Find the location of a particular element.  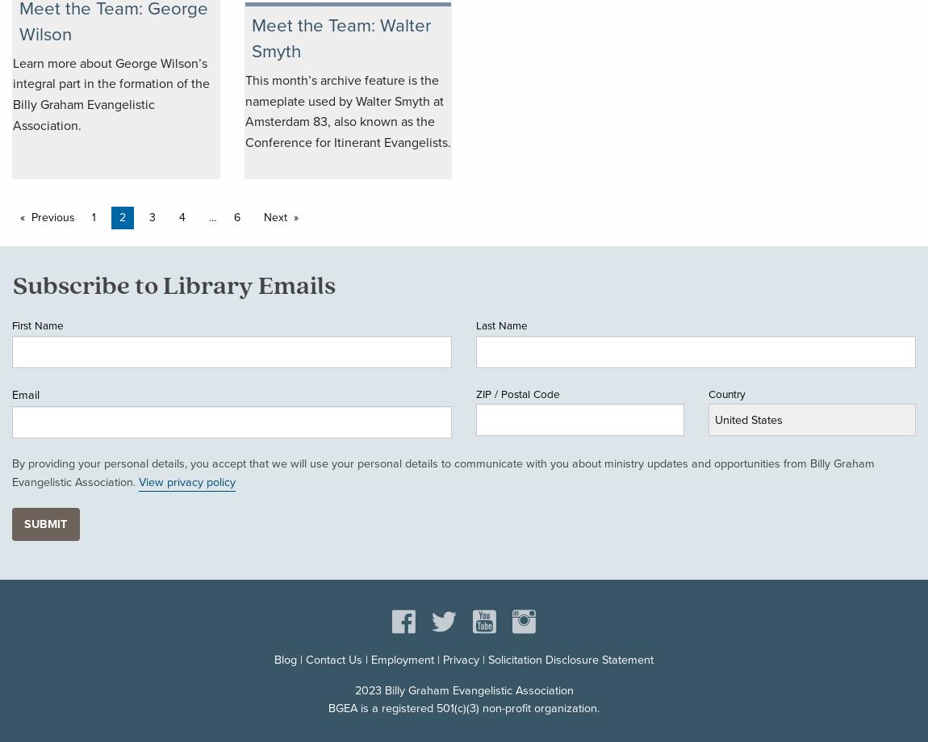

'ZIP / Postal Code' is located at coordinates (517, 392).